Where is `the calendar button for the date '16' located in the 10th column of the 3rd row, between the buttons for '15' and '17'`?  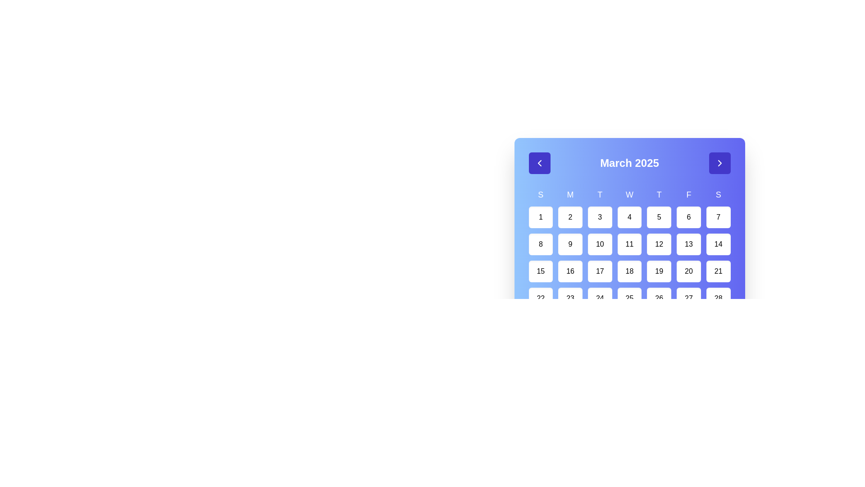 the calendar button for the date '16' located in the 10th column of the 3rd row, between the buttons for '15' and '17' is located at coordinates (570, 271).